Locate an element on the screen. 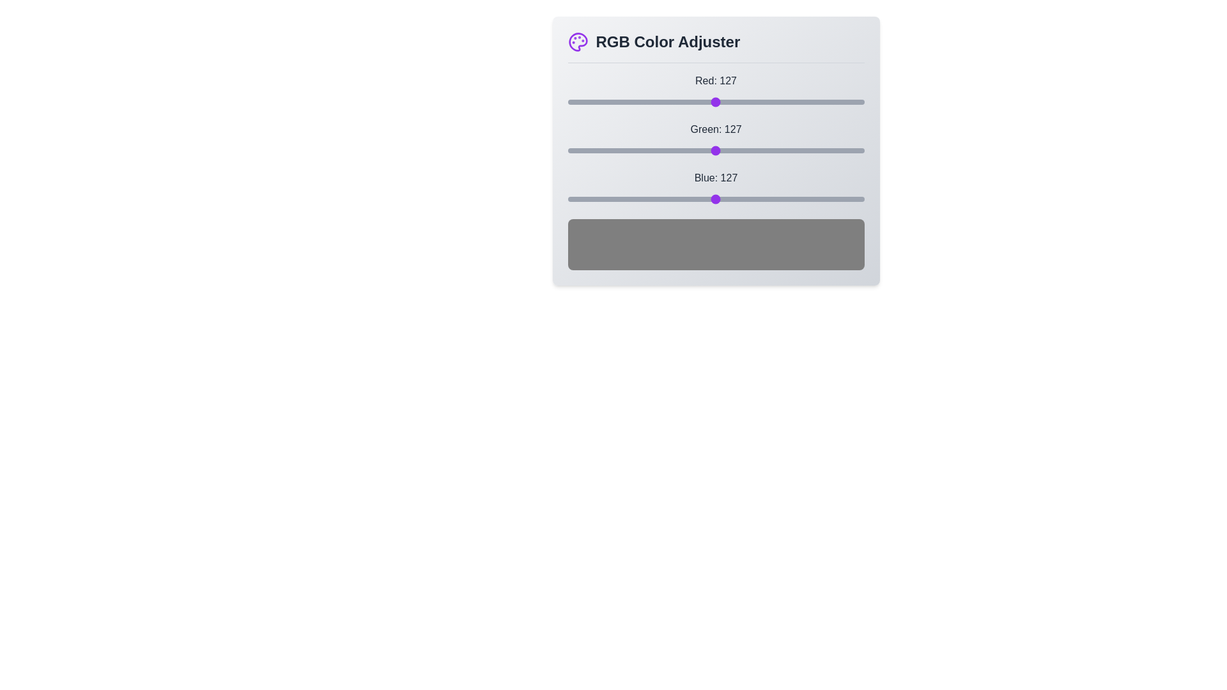 The height and width of the screenshot is (690, 1227). the green slider to set the green value to 77 is located at coordinates (657, 149).